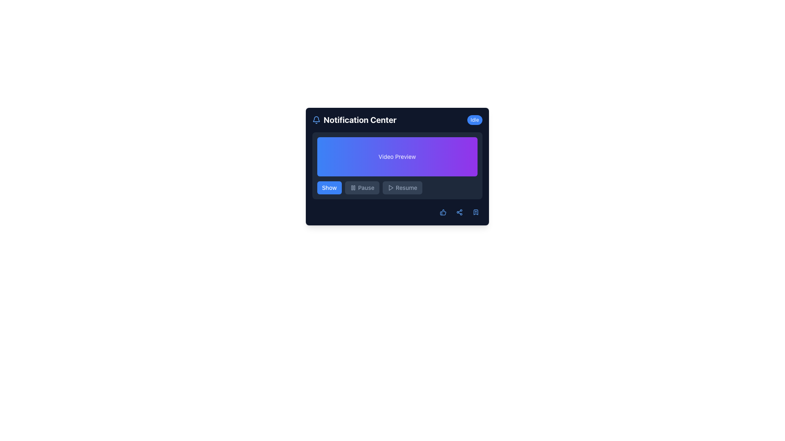 Image resolution: width=785 pixels, height=441 pixels. I want to click on the play button icon of the 'Resume' button located at the bottom right section of the primary content area, so click(390, 187).